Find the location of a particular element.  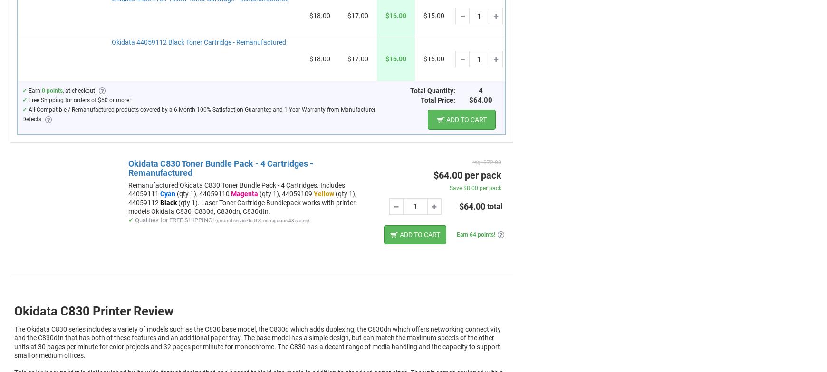

'Black' is located at coordinates (168, 202).